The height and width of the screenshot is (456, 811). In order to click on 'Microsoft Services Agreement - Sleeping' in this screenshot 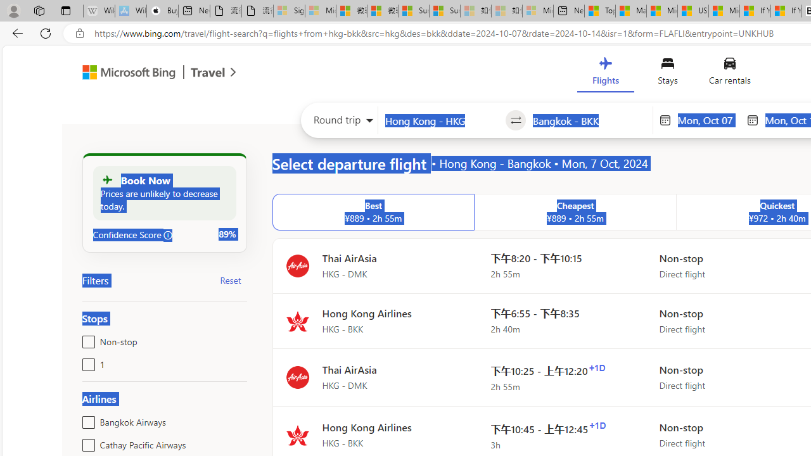, I will do `click(321, 11)`.